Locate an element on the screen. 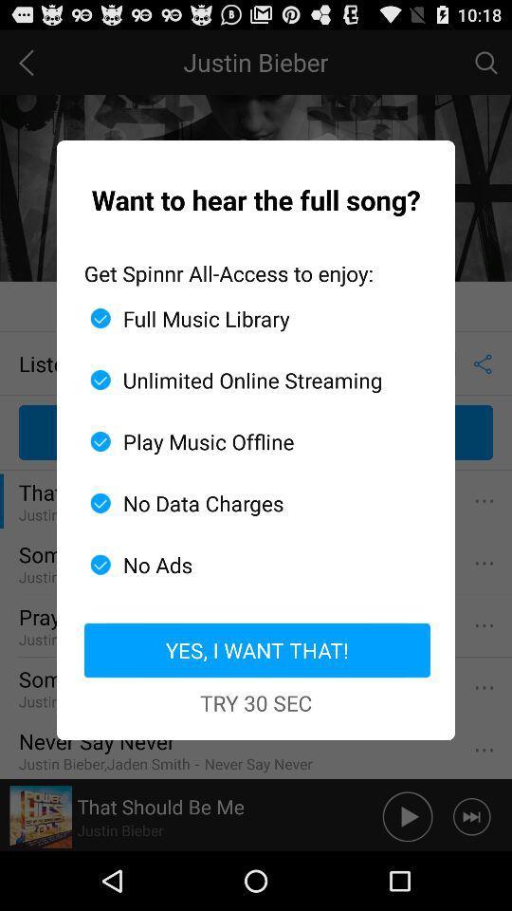  the icon below the play music offline item is located at coordinates (248, 502).